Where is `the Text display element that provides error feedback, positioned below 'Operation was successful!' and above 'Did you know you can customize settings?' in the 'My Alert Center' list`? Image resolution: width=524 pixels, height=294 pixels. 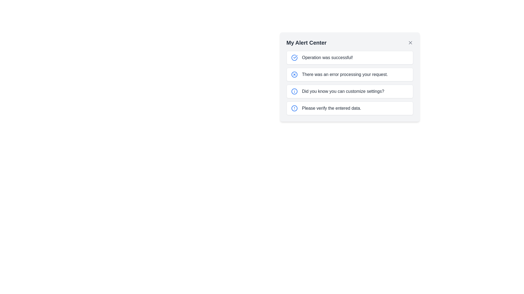
the Text display element that provides error feedback, positioned below 'Operation was successful!' and above 'Did you know you can customize settings?' in the 'My Alert Center' list is located at coordinates (344, 74).